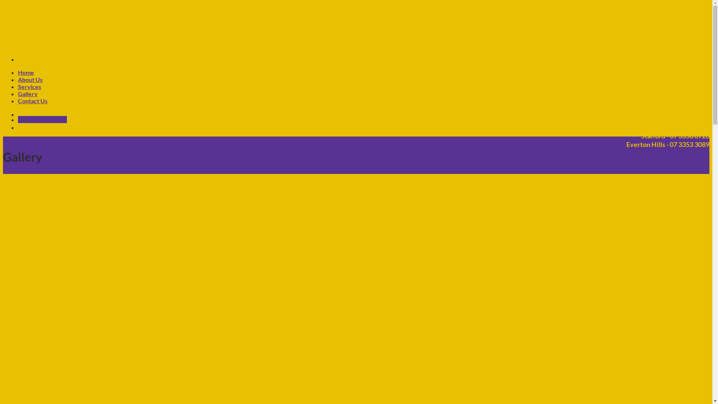  I want to click on 'Contact Us', so click(32, 100).